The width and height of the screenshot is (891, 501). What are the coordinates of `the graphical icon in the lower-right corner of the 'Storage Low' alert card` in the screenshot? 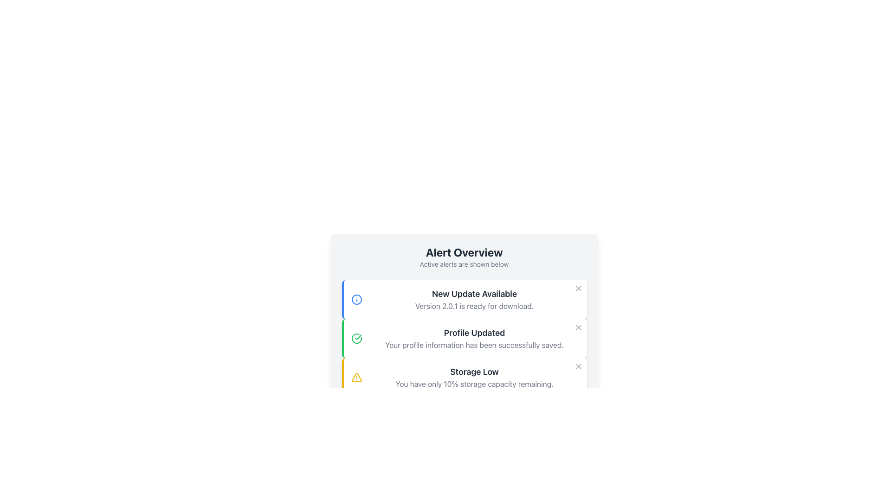 It's located at (578, 366).